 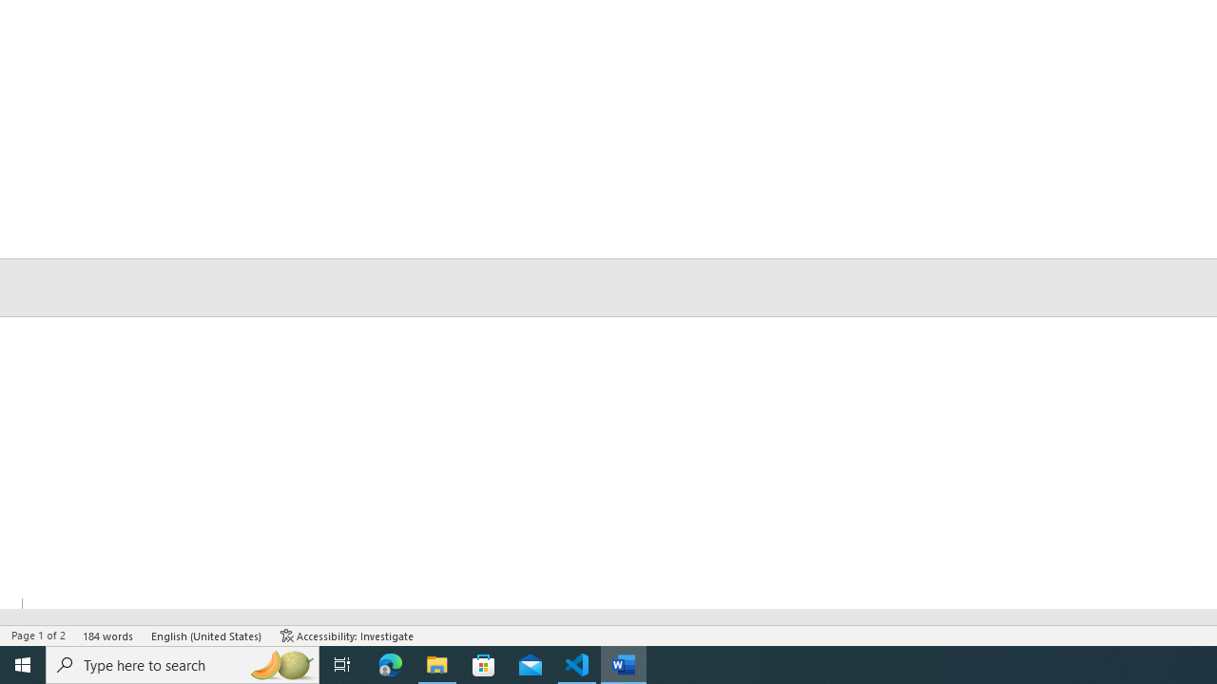 What do you see at coordinates (207, 636) in the screenshot?
I see `'Language English (United States)'` at bounding box center [207, 636].